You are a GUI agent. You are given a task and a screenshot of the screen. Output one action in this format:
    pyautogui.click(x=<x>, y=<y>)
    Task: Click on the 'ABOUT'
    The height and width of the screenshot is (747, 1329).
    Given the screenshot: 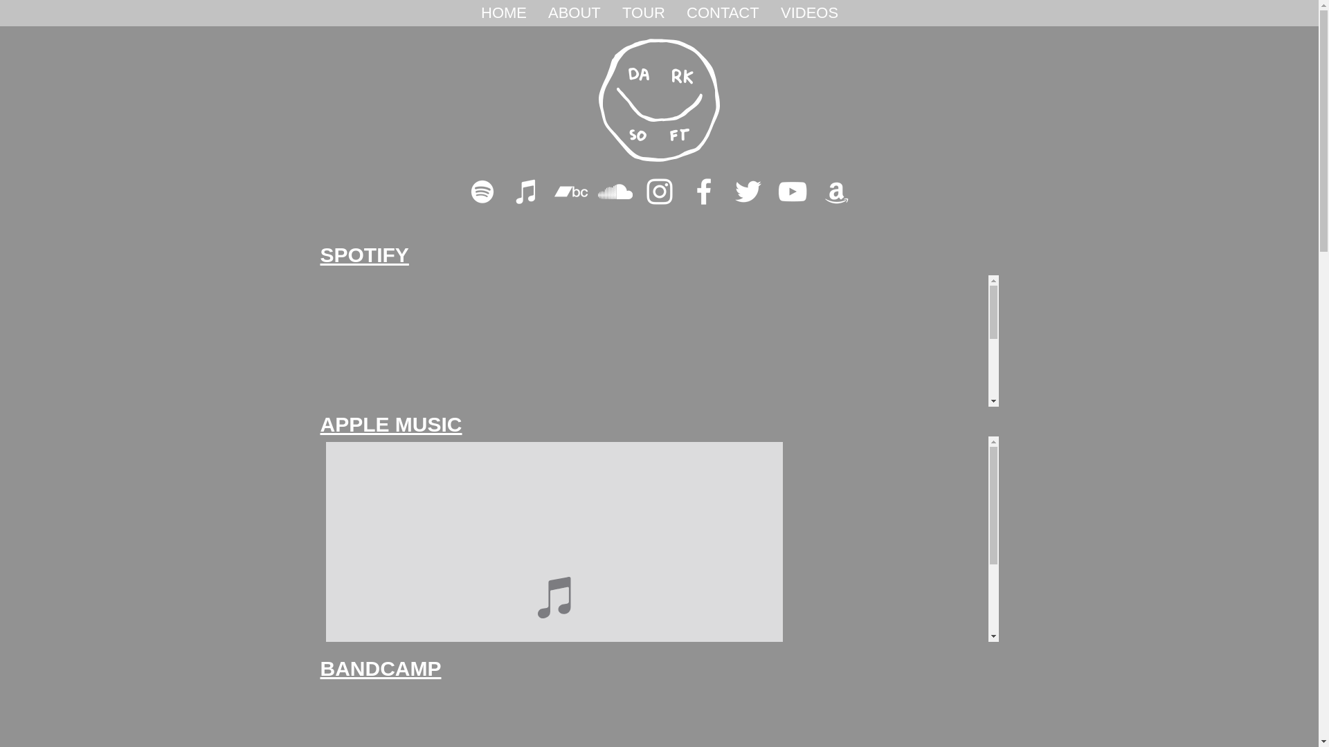 What is the action you would take?
    pyautogui.click(x=536, y=13)
    